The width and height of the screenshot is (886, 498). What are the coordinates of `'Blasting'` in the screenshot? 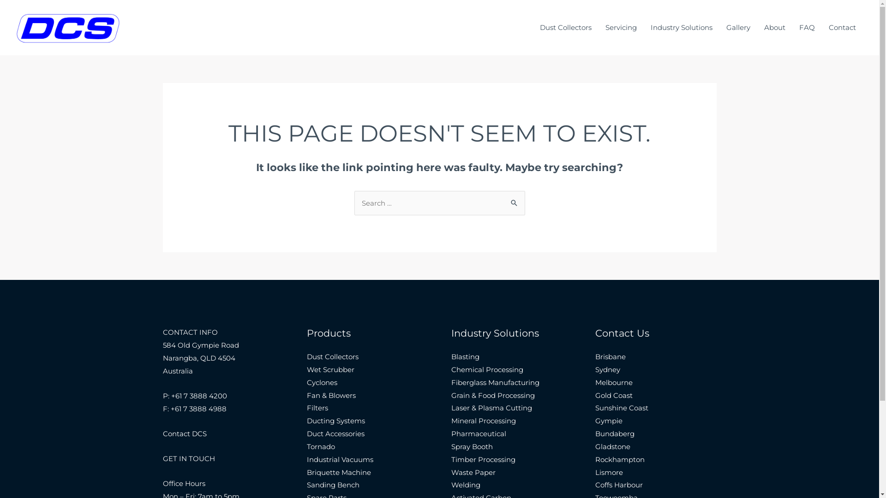 It's located at (465, 356).